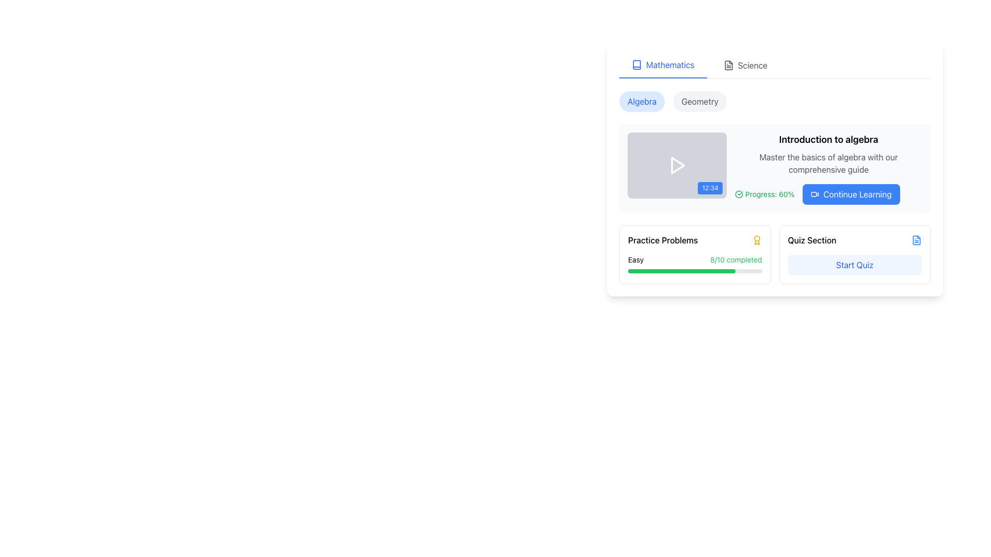 The width and height of the screenshot is (991, 557). Describe the element at coordinates (695, 264) in the screenshot. I see `the Progress Tracker that shows the completion progress of the 'Easy' task, located at the bottom of the 'Practice Problems' card` at that location.